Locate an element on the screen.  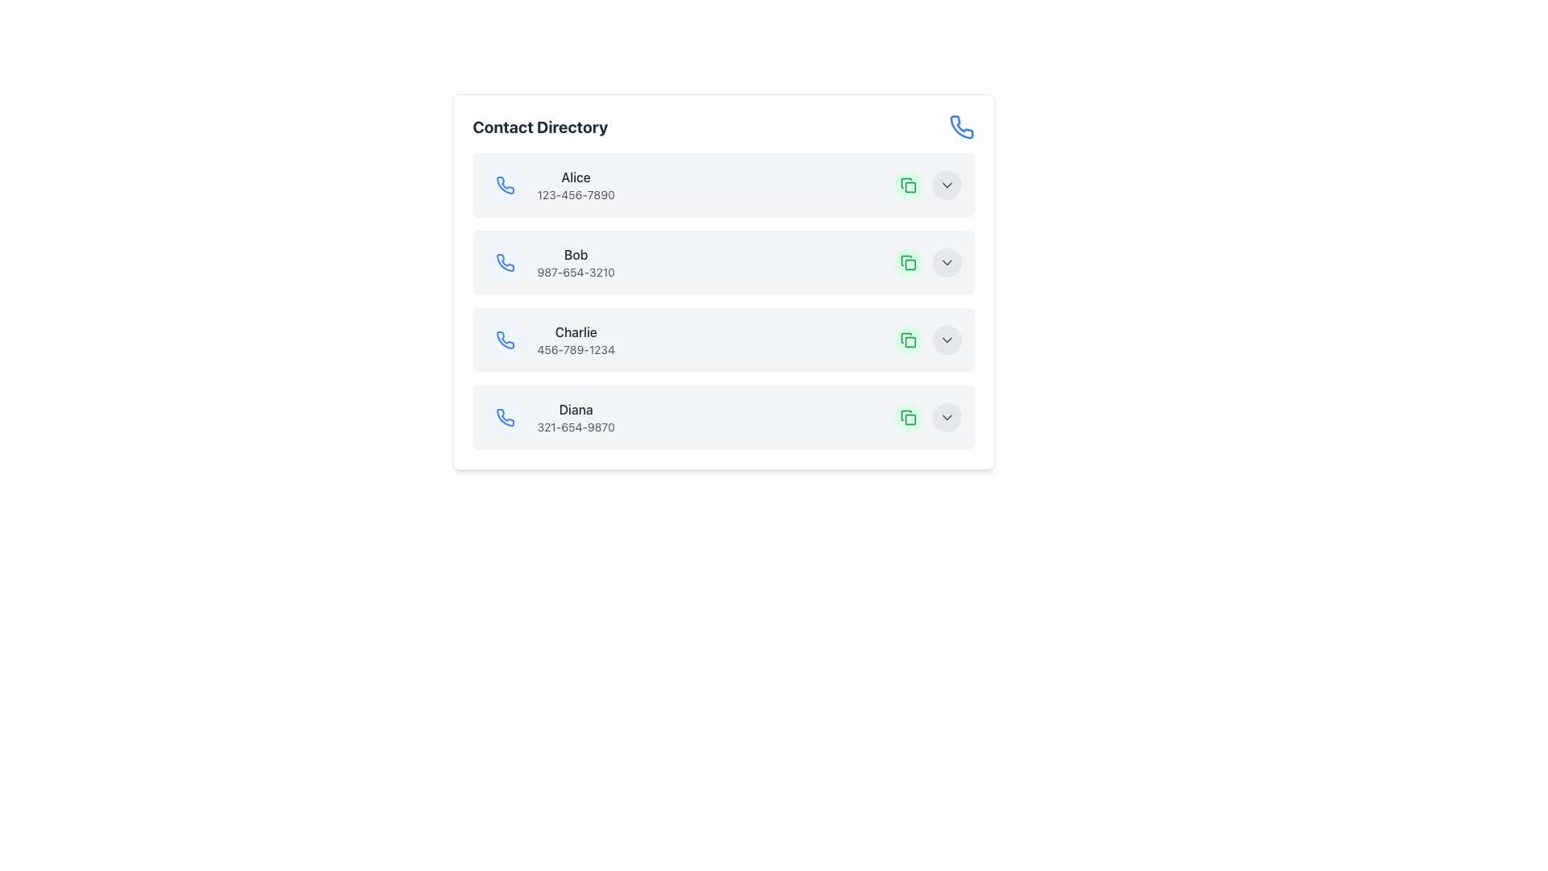
the Text Label that identifies the contact name above the phone number '456-789-1234' is located at coordinates (576, 331).